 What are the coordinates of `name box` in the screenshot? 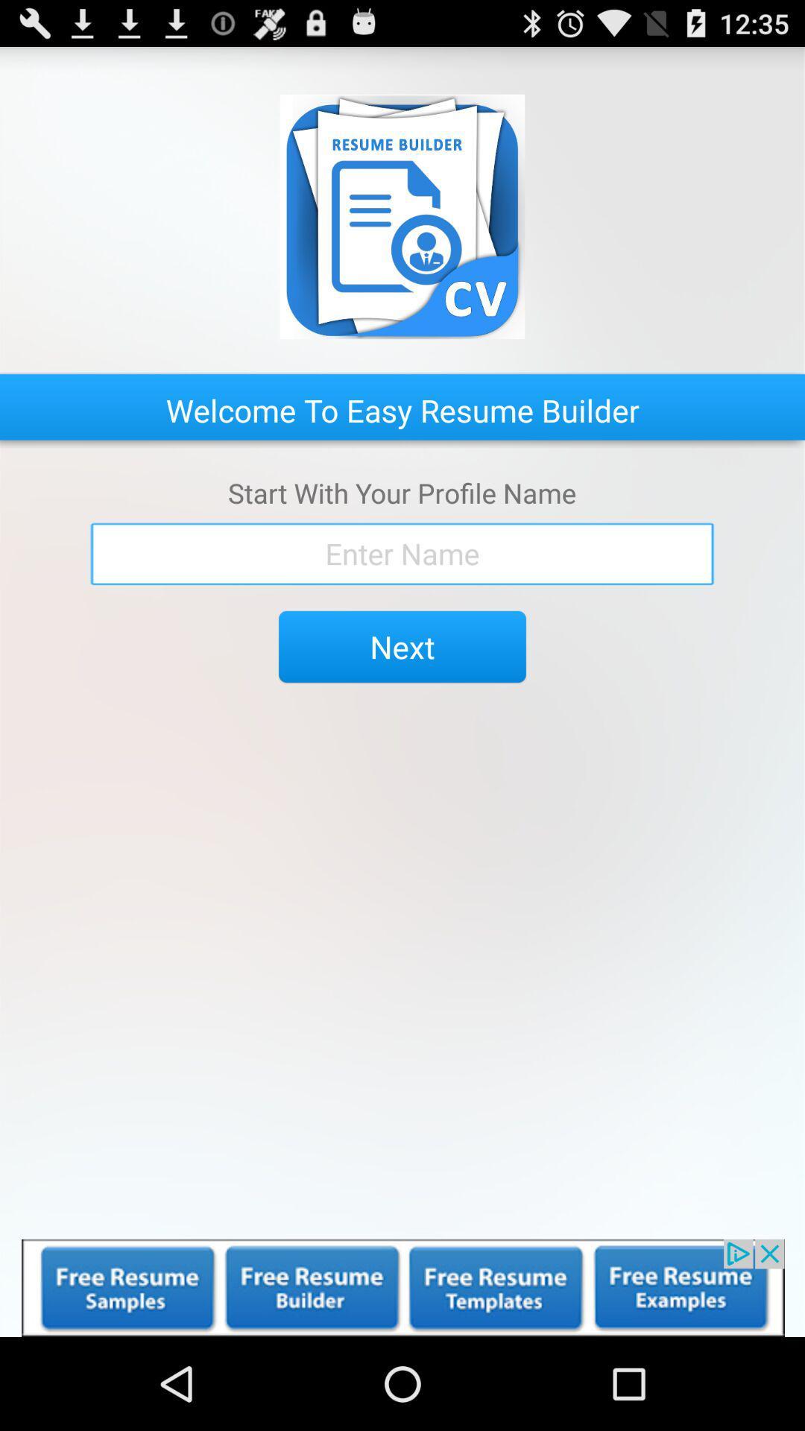 It's located at (402, 553).